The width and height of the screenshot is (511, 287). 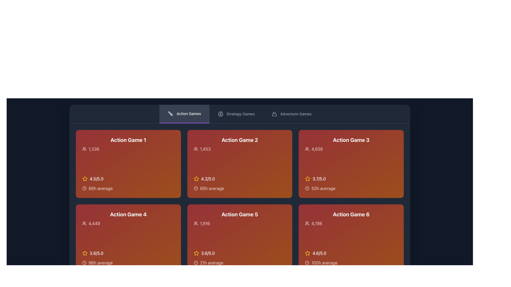 I want to click on the yellow star icon with five points located in the bottom-right of the 'Action Game 6' card's rating display, so click(x=308, y=253).